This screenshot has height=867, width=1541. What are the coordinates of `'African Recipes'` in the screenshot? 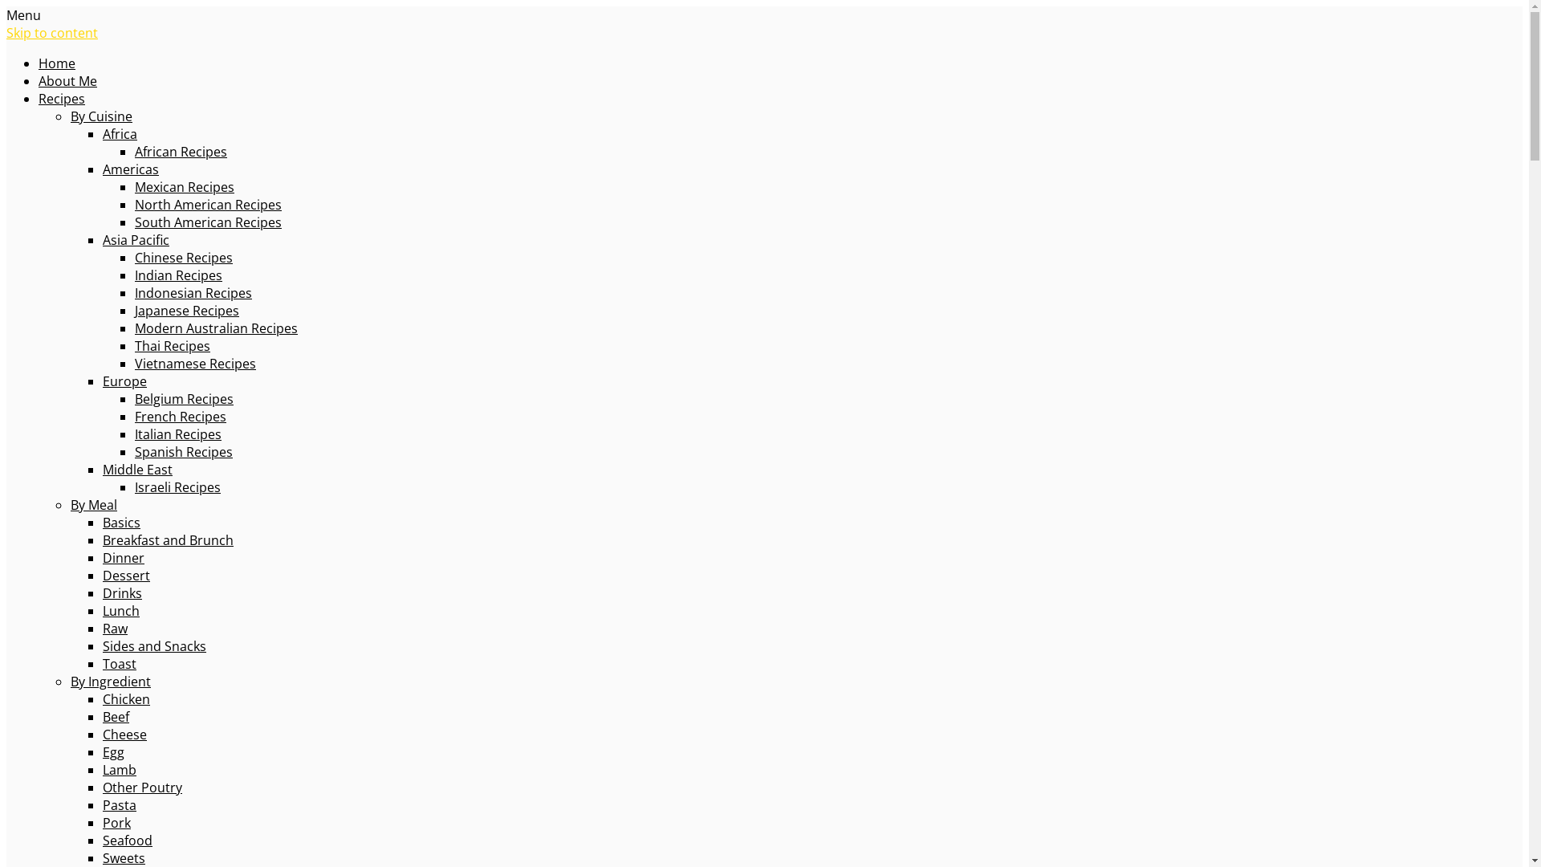 It's located at (181, 152).